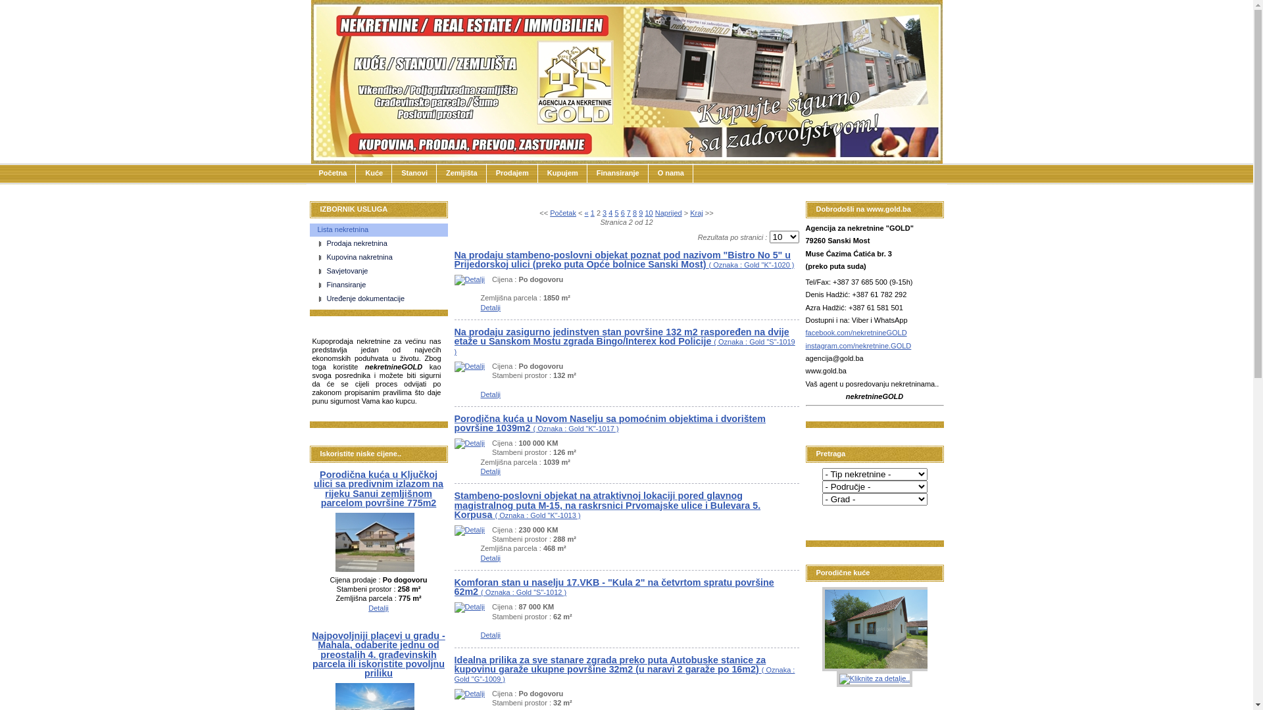  Describe the element at coordinates (378, 608) in the screenshot. I see `'Detalji'` at that location.